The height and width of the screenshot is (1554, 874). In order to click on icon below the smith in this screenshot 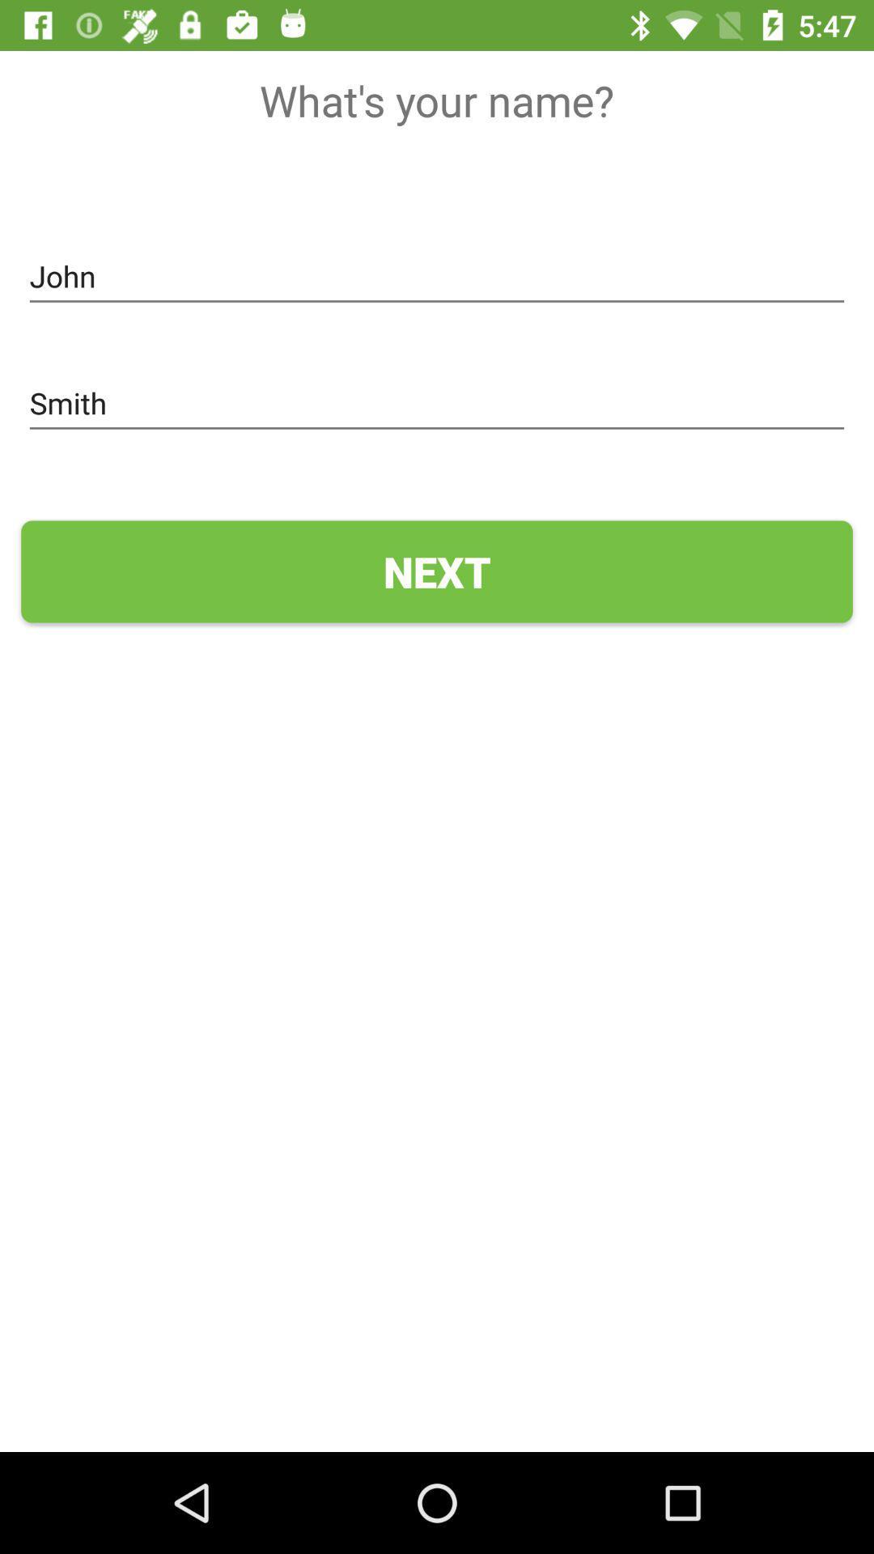, I will do `click(437, 571)`.